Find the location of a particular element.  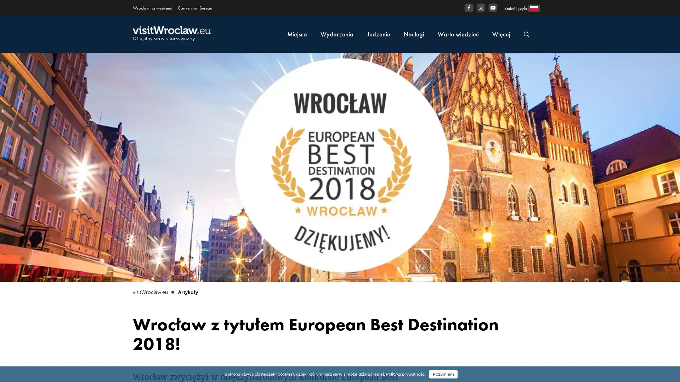

Warto wiedziec is located at coordinates (458, 34).